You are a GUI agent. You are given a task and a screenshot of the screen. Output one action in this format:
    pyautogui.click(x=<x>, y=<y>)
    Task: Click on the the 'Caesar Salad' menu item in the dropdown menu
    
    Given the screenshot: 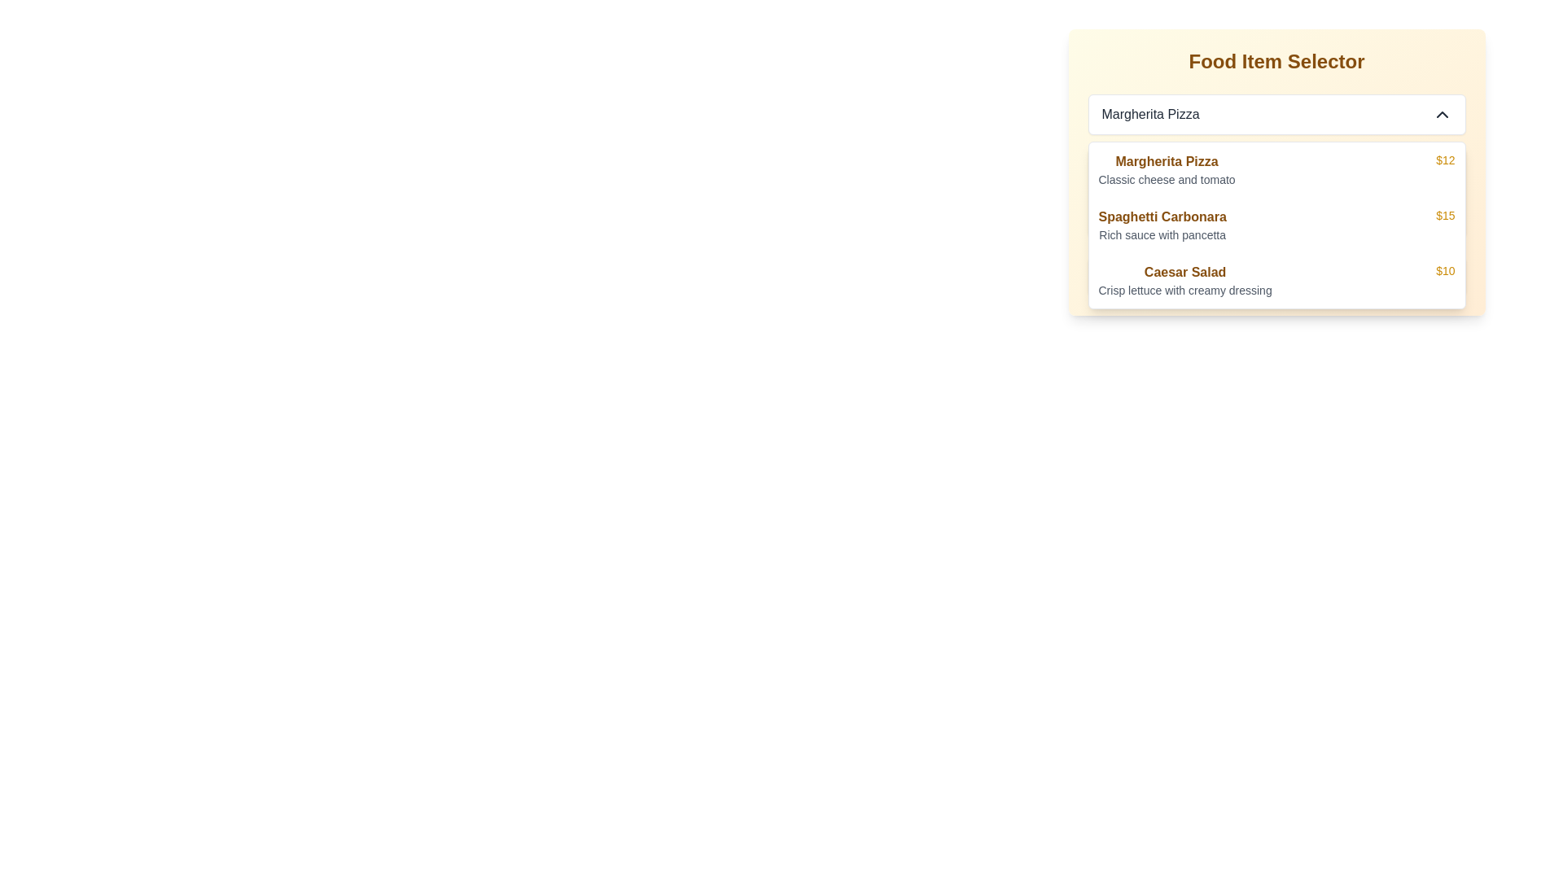 What is the action you would take?
    pyautogui.click(x=1276, y=279)
    